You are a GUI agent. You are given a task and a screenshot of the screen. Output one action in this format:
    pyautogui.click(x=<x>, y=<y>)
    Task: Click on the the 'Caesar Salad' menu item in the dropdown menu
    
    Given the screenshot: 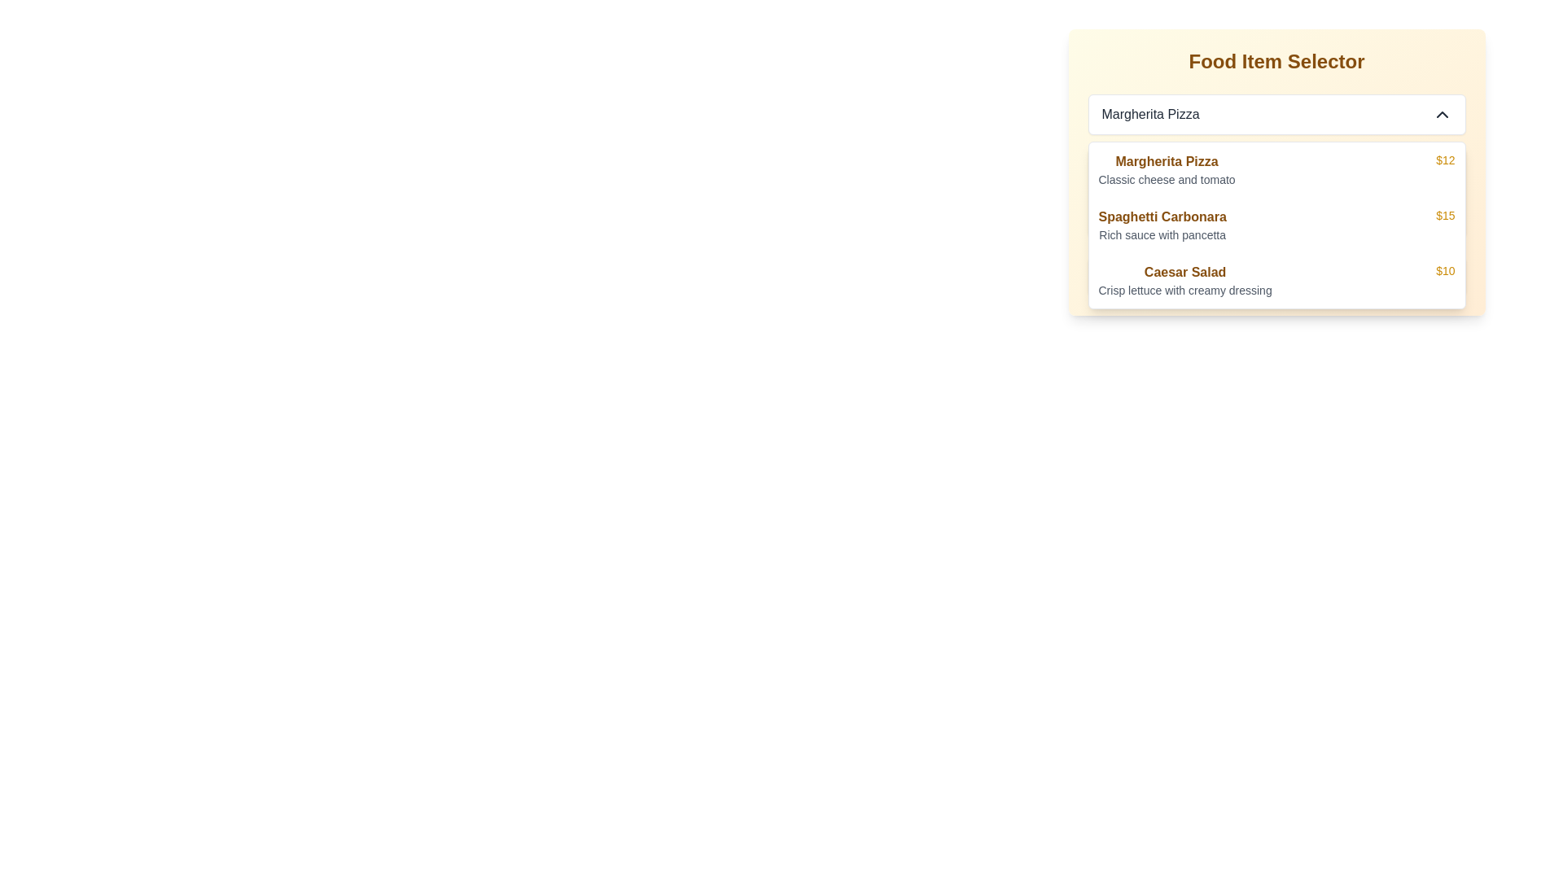 What is the action you would take?
    pyautogui.click(x=1276, y=279)
    